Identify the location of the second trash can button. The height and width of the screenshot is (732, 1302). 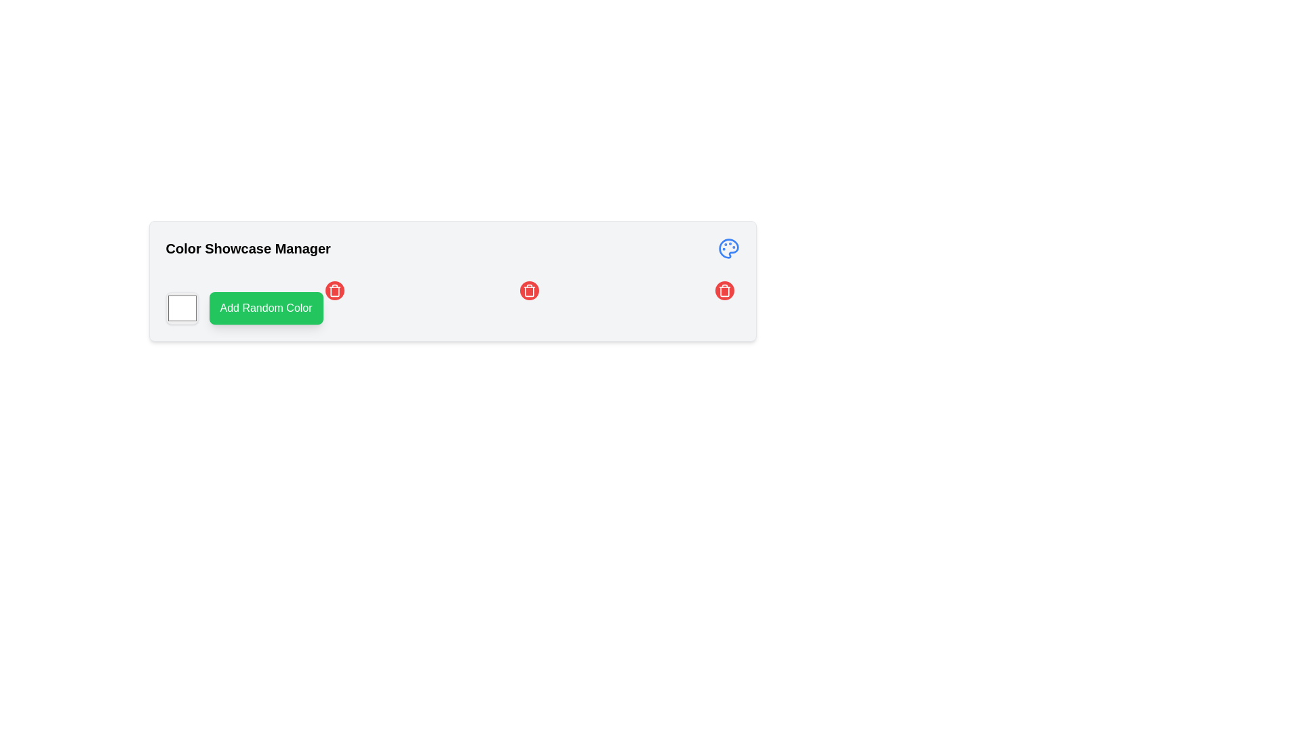
(529, 289).